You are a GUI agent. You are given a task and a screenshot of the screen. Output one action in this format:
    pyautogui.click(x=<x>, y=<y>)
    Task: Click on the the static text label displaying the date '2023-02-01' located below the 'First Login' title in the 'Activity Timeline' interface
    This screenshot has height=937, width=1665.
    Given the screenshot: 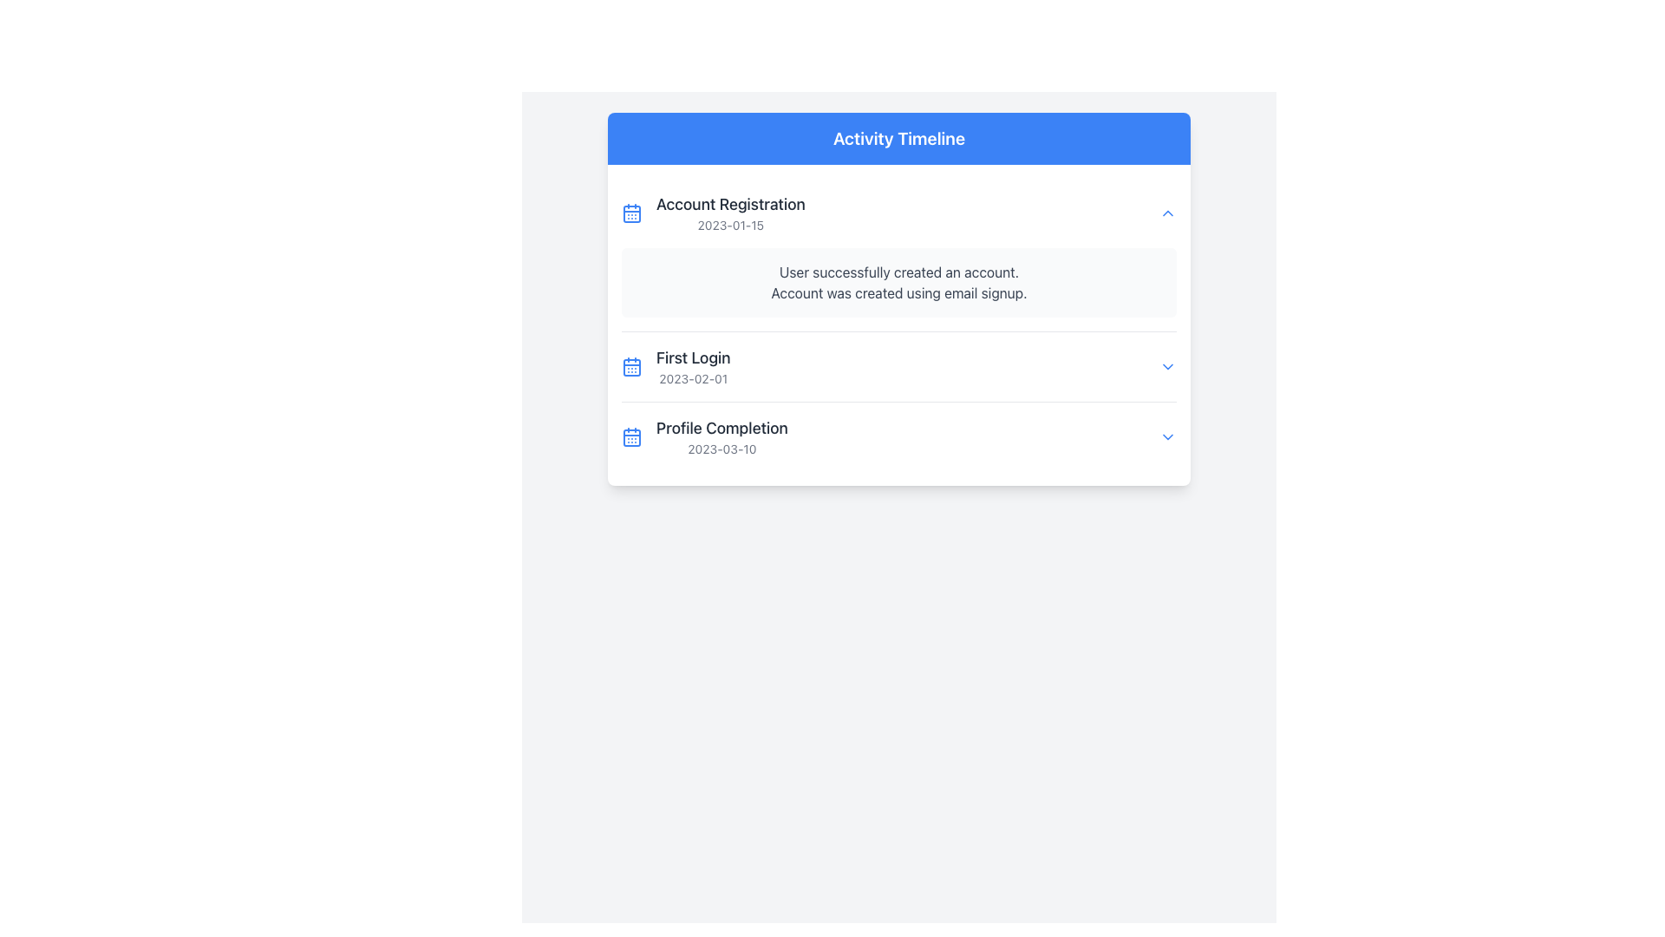 What is the action you would take?
    pyautogui.click(x=692, y=377)
    